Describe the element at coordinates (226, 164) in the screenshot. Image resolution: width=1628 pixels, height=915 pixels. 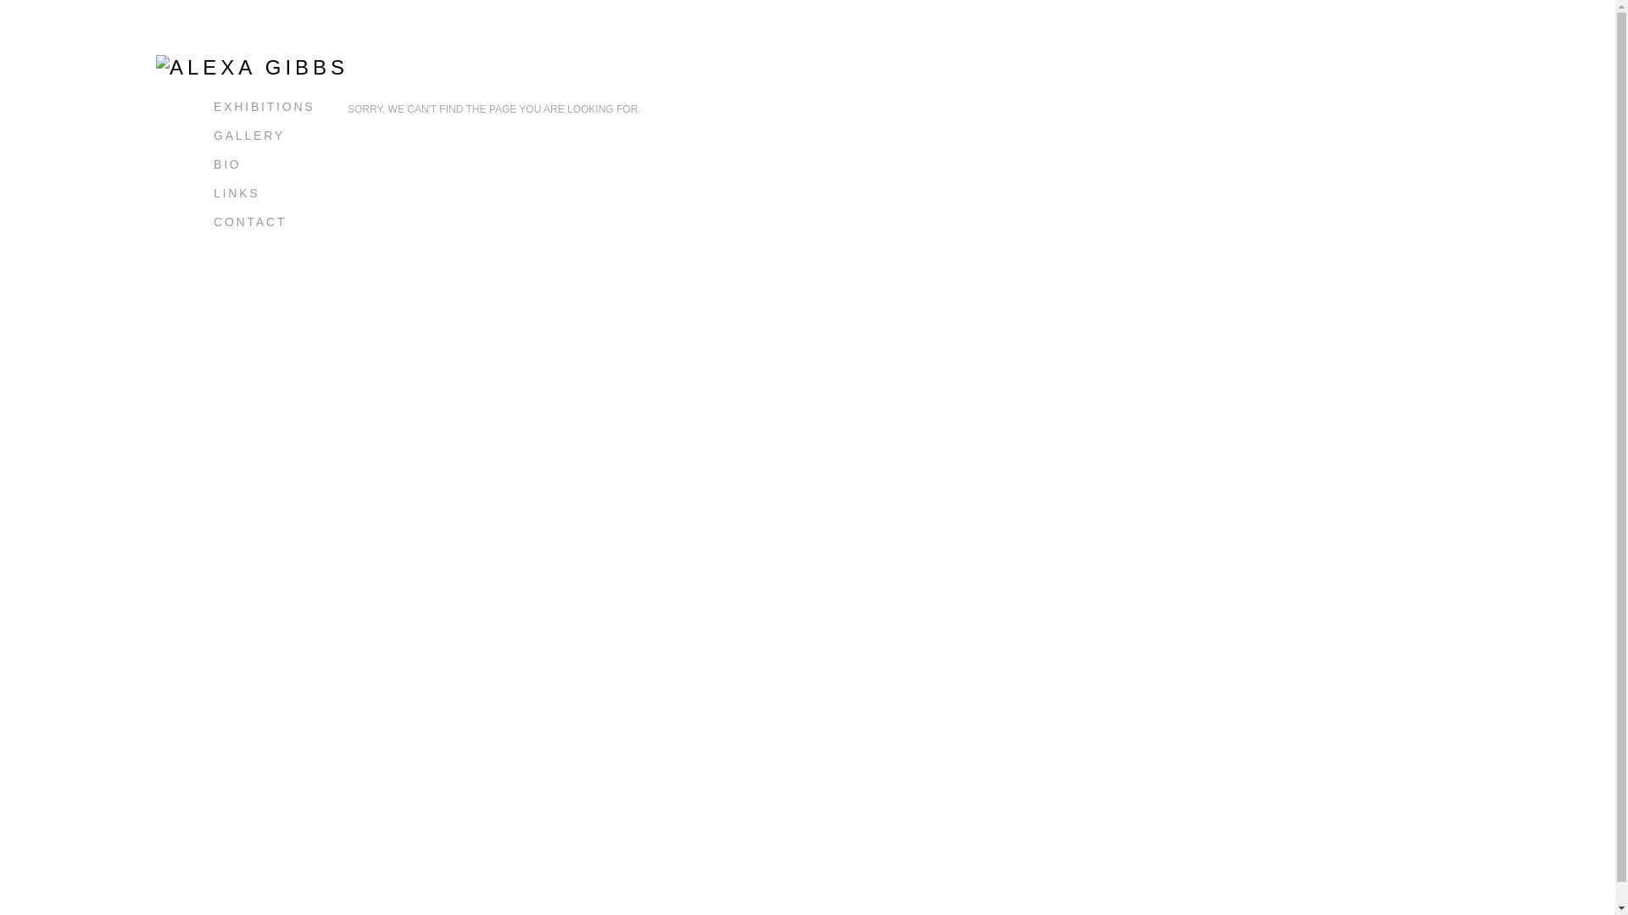
I see `'BIO'` at that location.